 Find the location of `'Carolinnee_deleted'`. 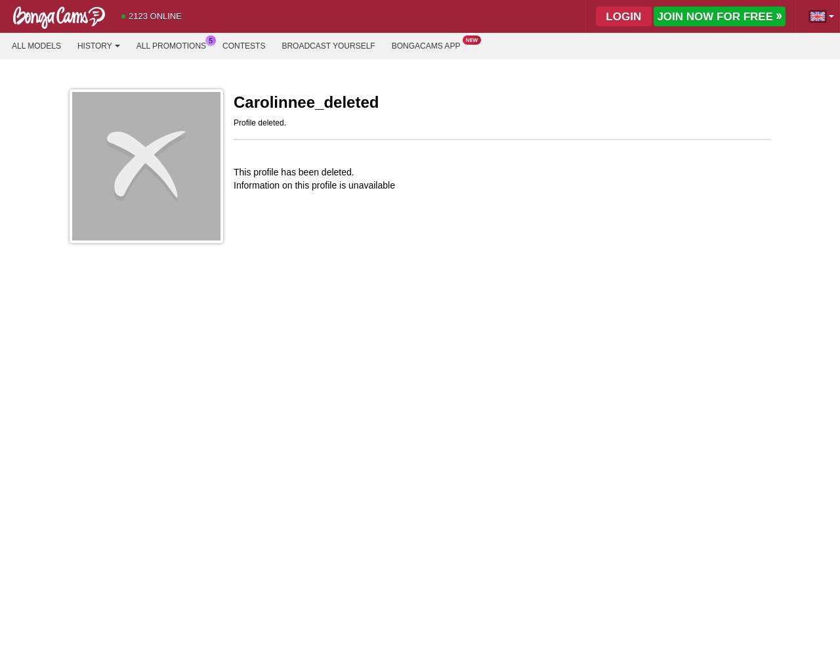

'Carolinnee_deleted' is located at coordinates (305, 102).